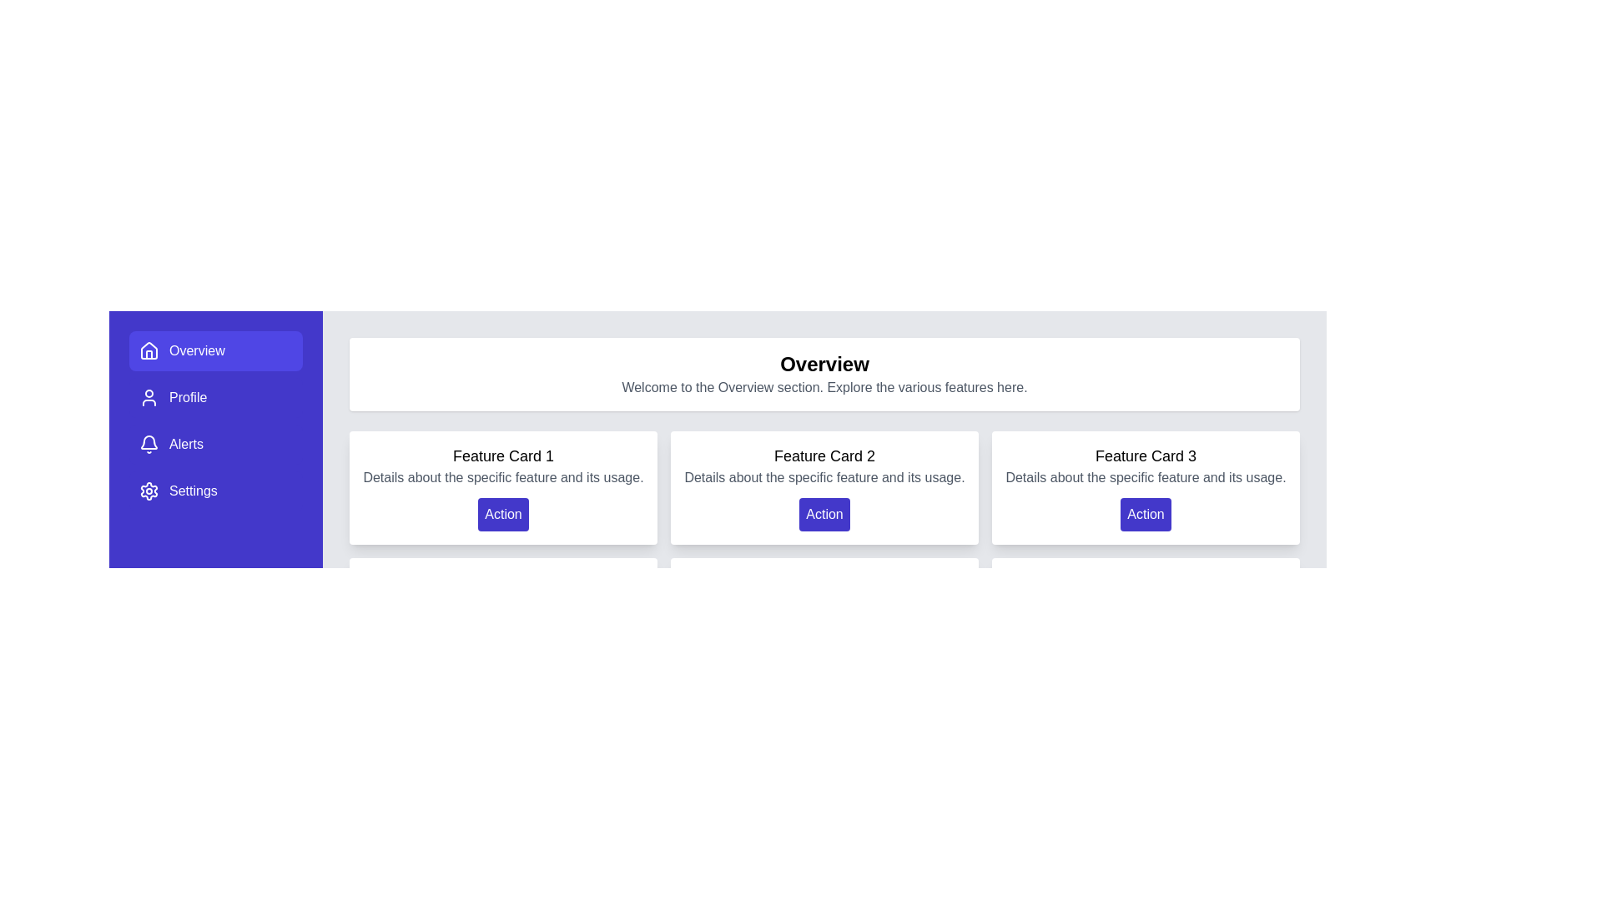 The image size is (1602, 901). What do you see at coordinates (824, 514) in the screenshot?
I see `the button located at the bottom center of 'Feature Card 2'` at bounding box center [824, 514].